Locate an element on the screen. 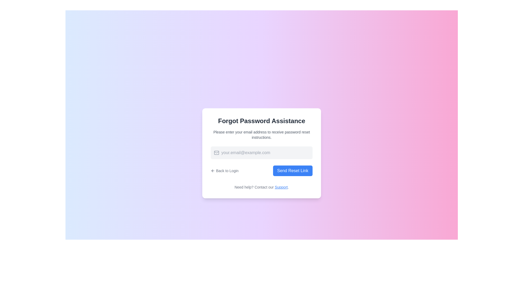 The image size is (509, 286). the mail icon located at the left side of the email input box labeled 'your.email@example.com' within the 'Forgot Password Assistance' form to inspect its additional functionality is located at coordinates (215, 153).